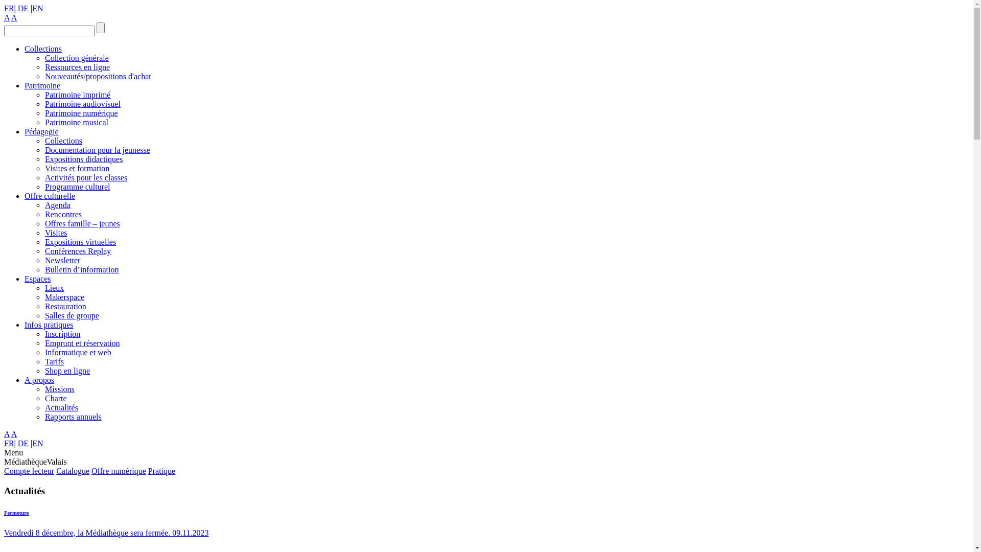  Describe the element at coordinates (55, 398) in the screenshot. I see `'Charte'` at that location.